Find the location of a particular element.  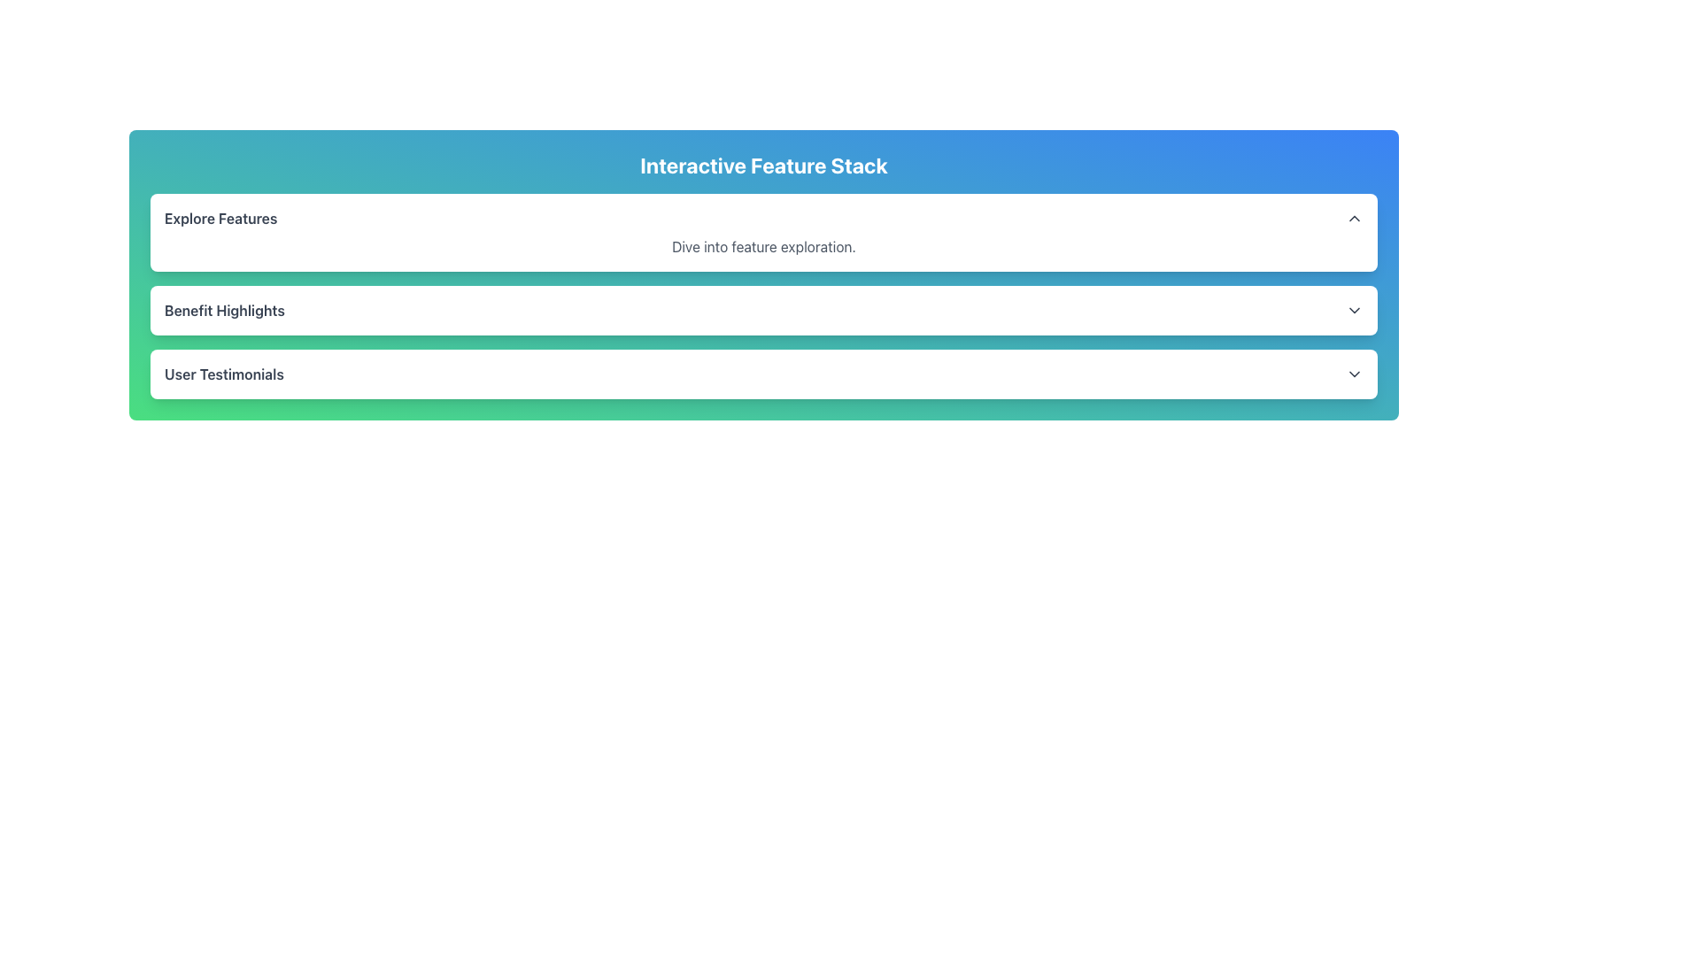

the icon in the 'Explore Features' section is located at coordinates (1354, 217).